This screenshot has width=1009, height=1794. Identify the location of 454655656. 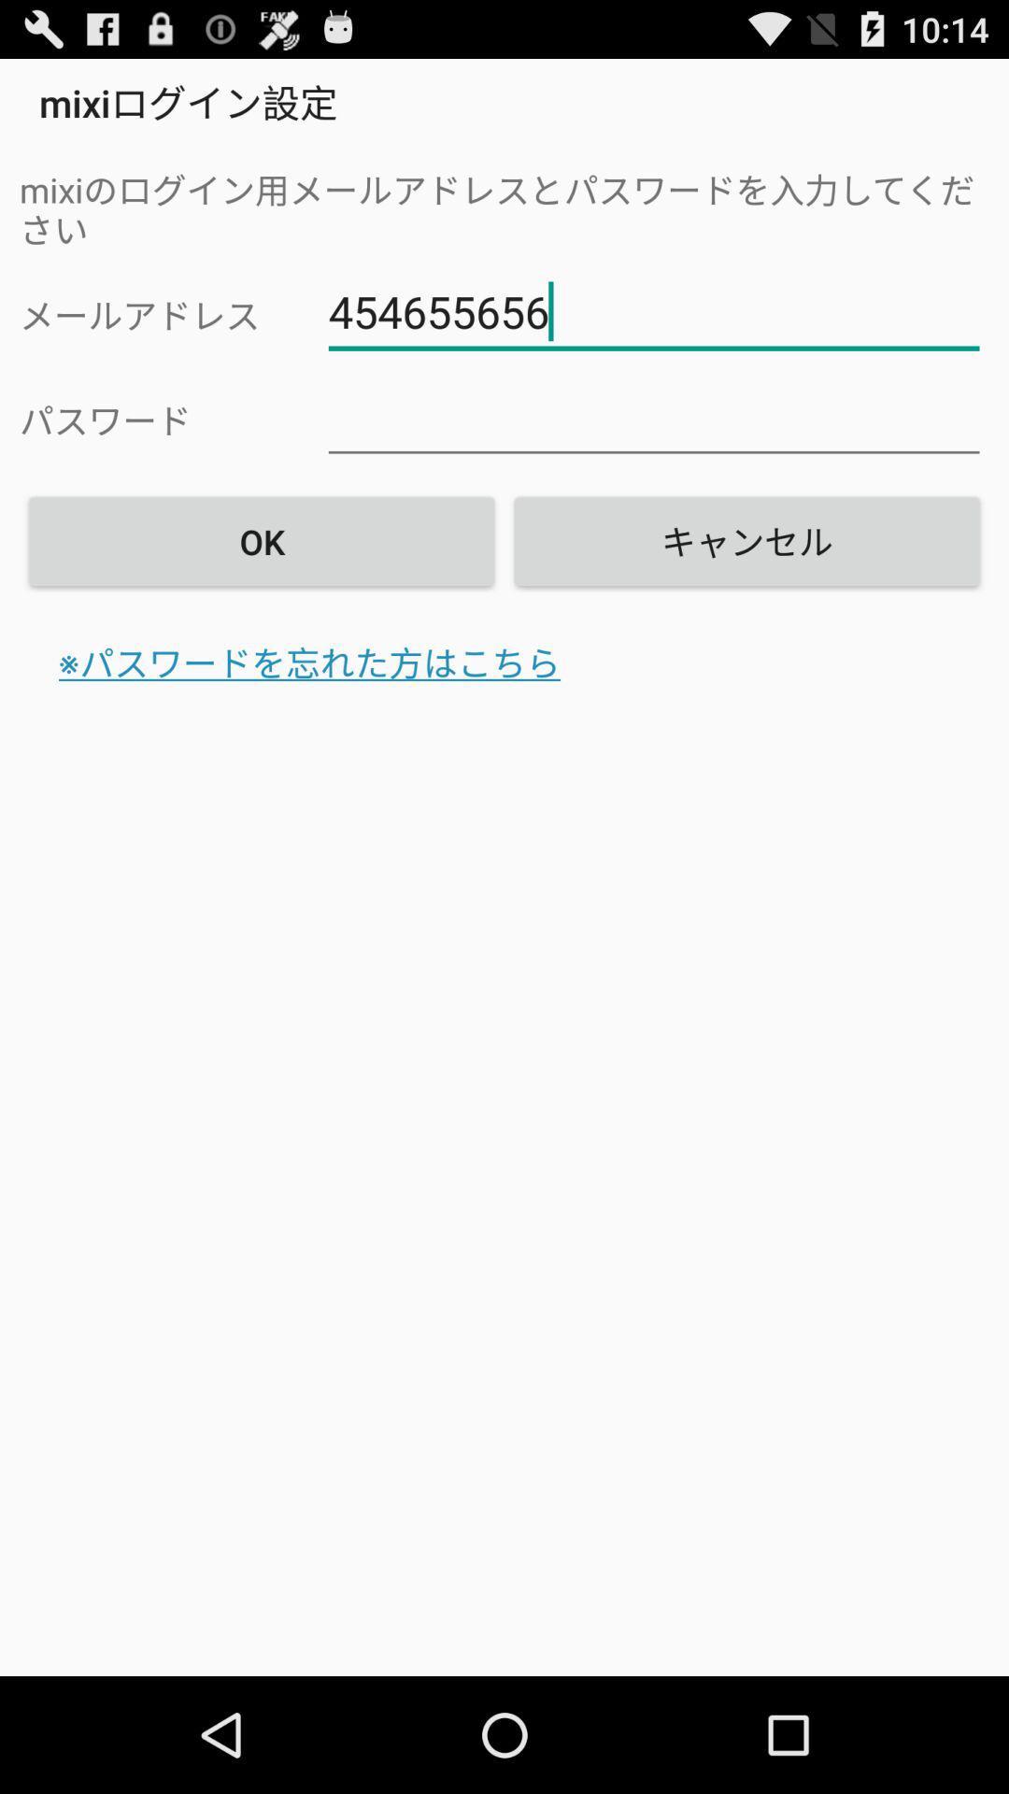
(653, 312).